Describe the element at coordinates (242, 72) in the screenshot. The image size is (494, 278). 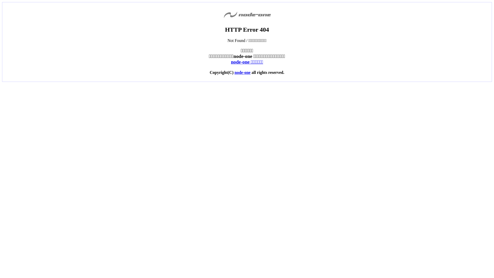
I see `'node-one'` at that location.